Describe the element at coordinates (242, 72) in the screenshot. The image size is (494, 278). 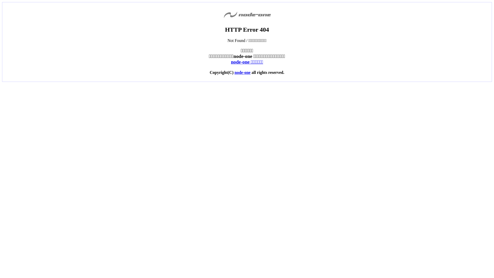
I see `'node-one'` at that location.